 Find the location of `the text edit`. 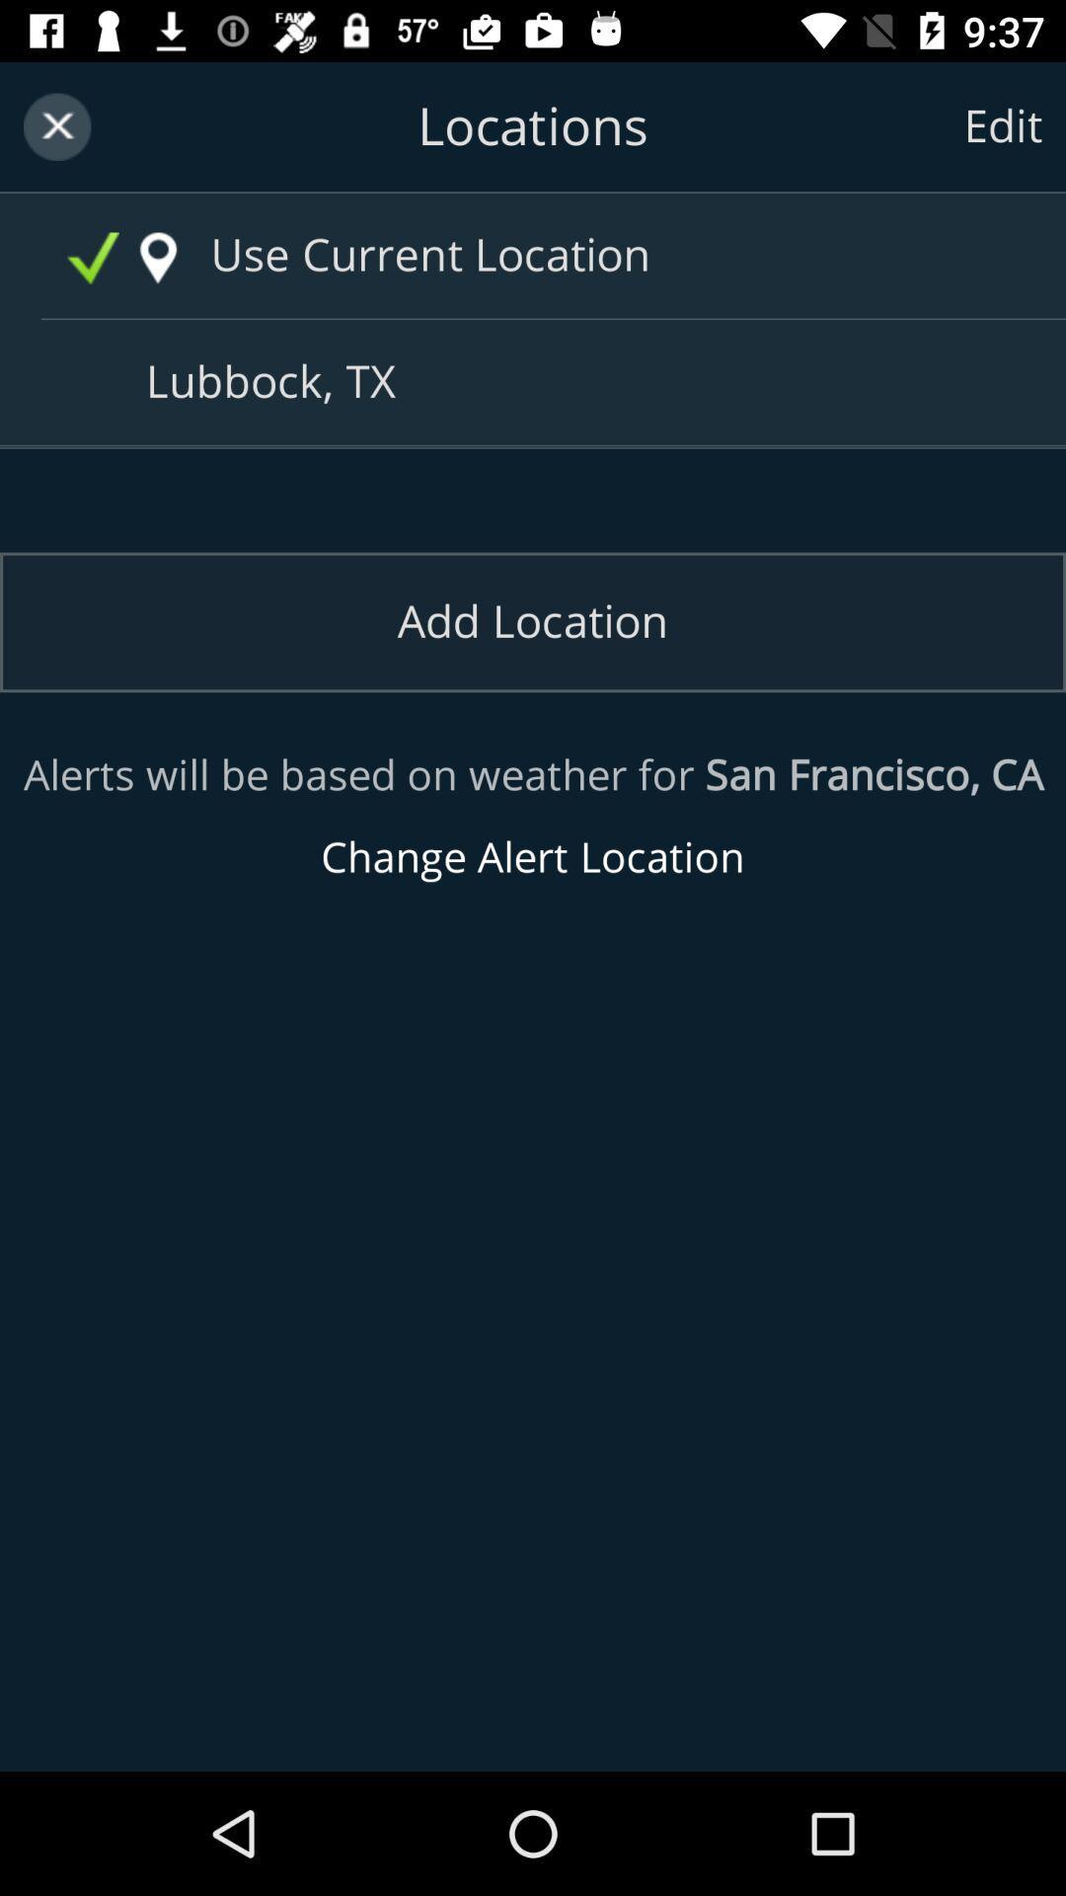

the text edit is located at coordinates (1003, 125).